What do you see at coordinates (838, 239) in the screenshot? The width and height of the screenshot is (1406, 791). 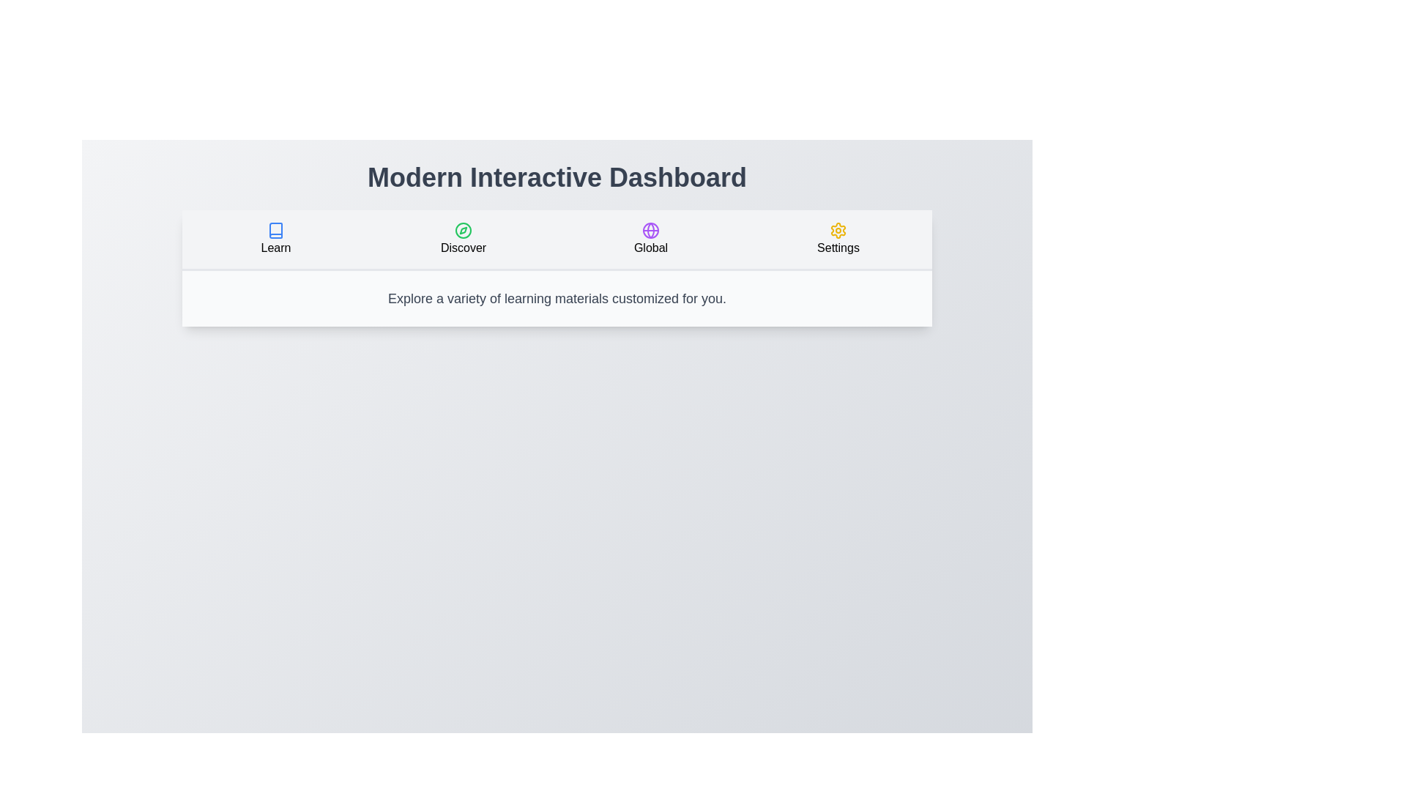 I see `the navigational menu item located at the far-right position in the horizontal menu bar` at bounding box center [838, 239].